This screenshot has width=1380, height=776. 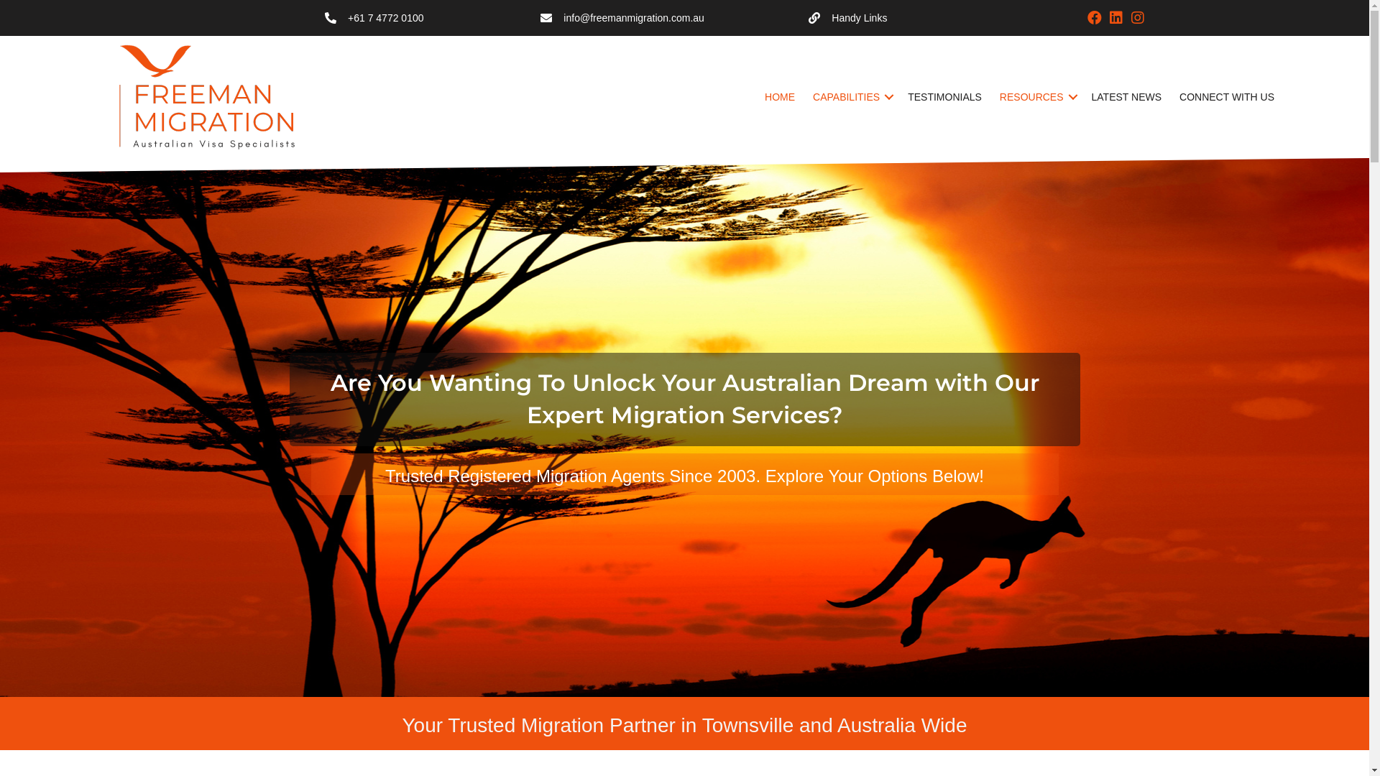 I want to click on 'CONNECT WITH US', so click(x=1226, y=97).